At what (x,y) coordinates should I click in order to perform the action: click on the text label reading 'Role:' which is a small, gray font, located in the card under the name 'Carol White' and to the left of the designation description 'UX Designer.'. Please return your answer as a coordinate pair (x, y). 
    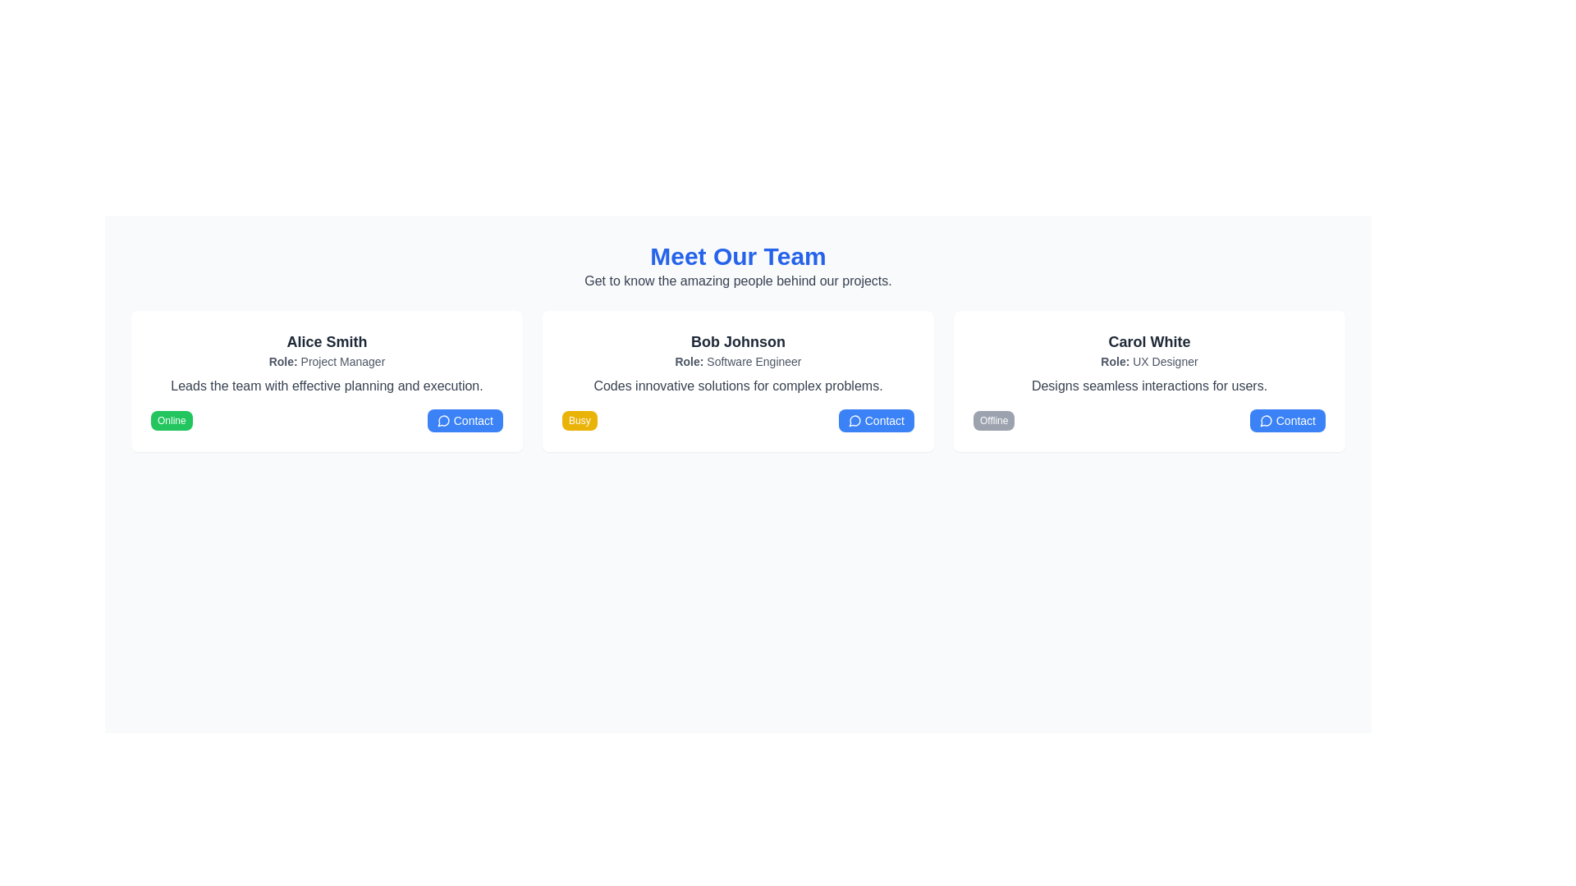
    Looking at the image, I should click on (1115, 360).